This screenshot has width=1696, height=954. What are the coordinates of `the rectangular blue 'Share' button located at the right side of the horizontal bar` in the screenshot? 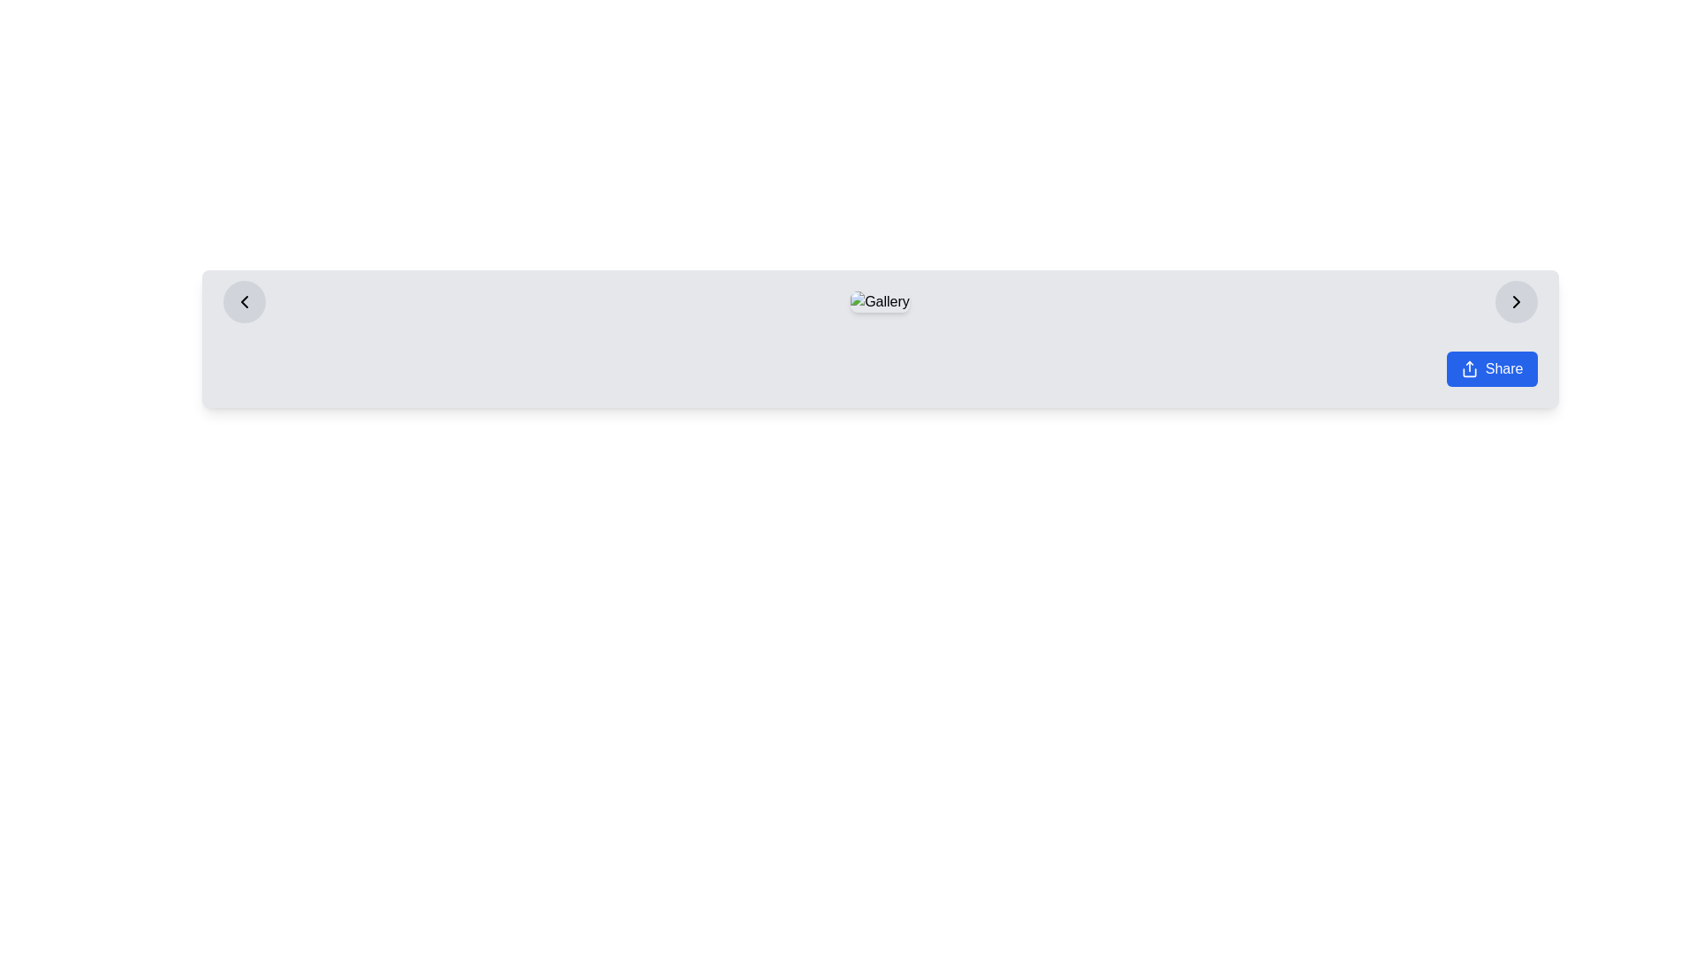 It's located at (1491, 367).